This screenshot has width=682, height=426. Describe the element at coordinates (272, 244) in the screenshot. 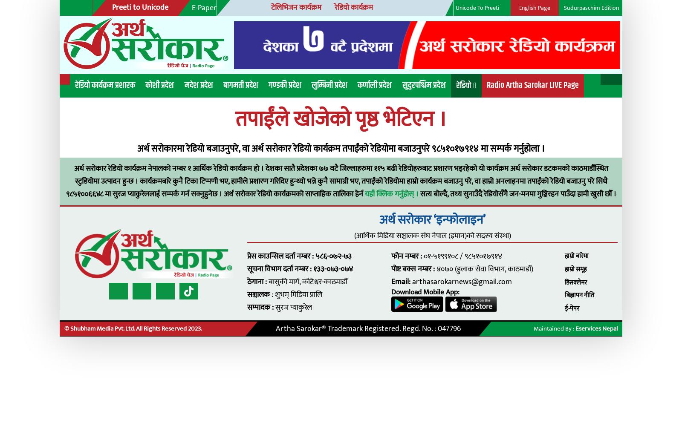

I see `'सूचना विभाग दर्ता नम्बर : १३३-०७३-०७४'` at that location.